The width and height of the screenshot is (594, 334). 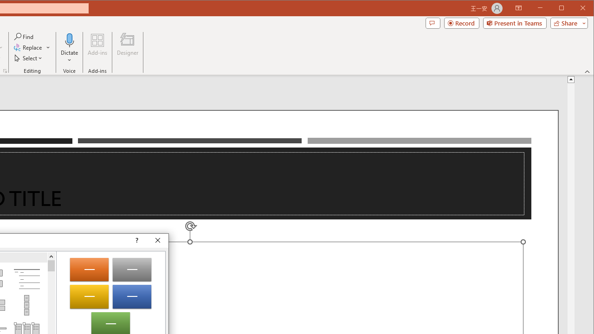 What do you see at coordinates (136, 240) in the screenshot?
I see `'Context help'` at bounding box center [136, 240].